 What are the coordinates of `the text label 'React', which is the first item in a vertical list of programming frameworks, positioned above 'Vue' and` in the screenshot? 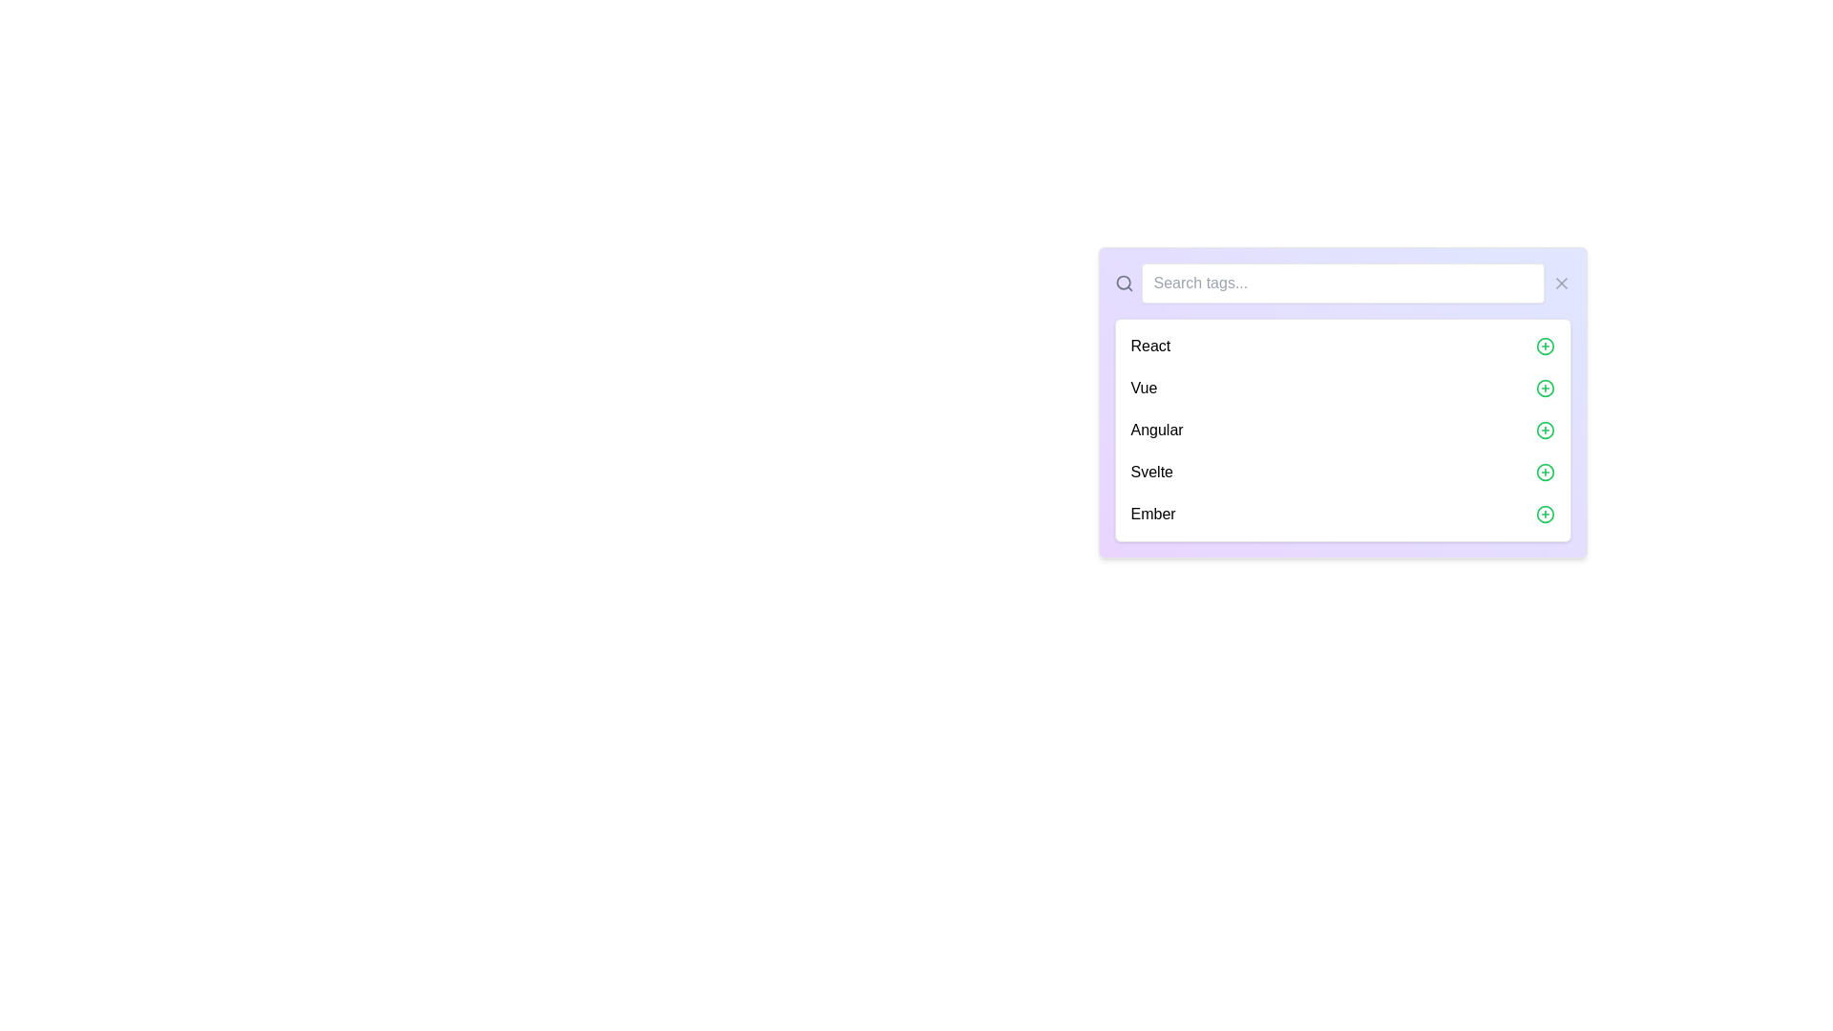 It's located at (1149, 346).